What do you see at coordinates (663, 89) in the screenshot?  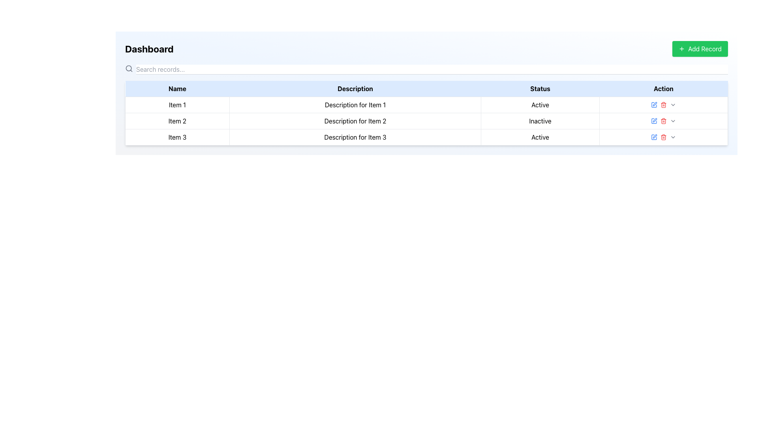 I see `the last header label in the grid which indicates actions related to items in the corresponding column` at bounding box center [663, 89].